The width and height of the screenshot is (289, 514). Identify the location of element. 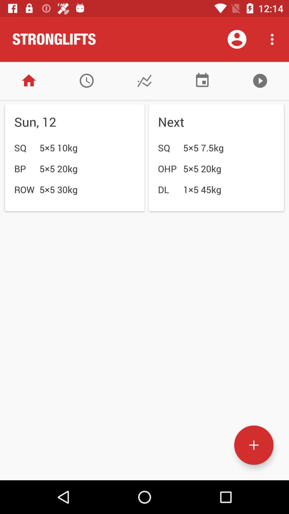
(253, 445).